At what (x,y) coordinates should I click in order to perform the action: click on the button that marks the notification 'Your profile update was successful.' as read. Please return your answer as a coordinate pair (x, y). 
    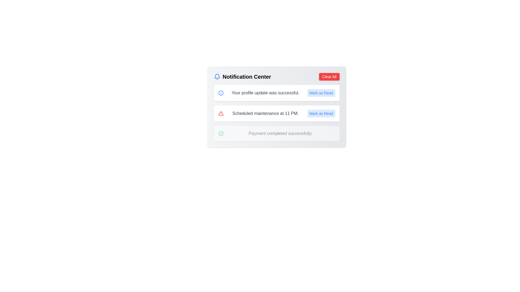
    Looking at the image, I should click on (321, 92).